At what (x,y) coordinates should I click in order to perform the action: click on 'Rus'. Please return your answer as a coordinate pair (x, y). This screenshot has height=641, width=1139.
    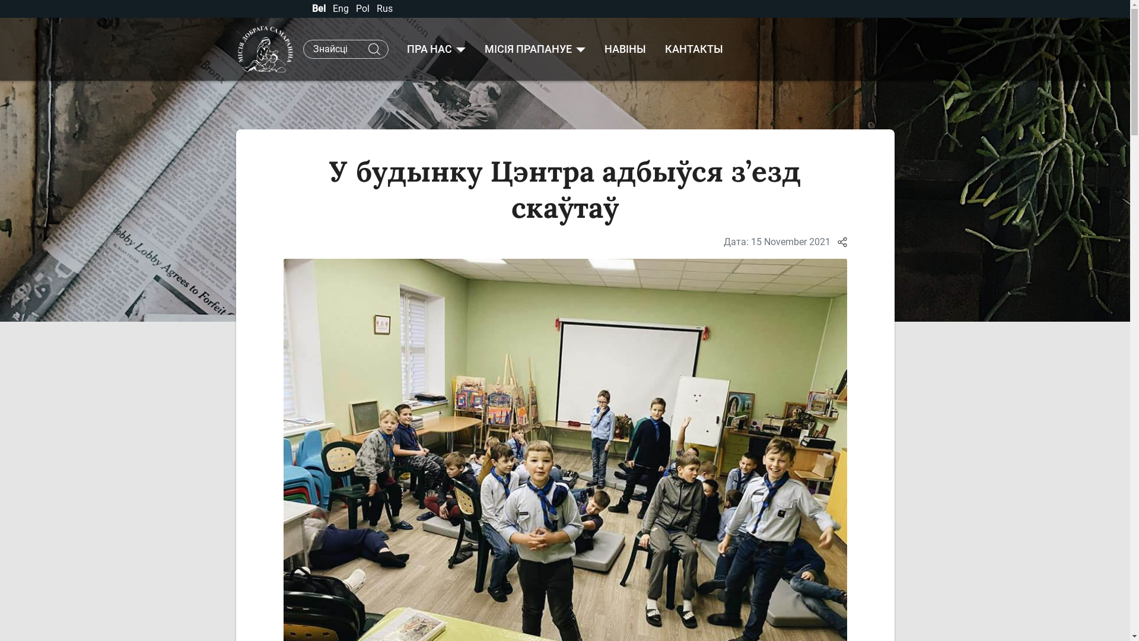
    Looking at the image, I should click on (384, 8).